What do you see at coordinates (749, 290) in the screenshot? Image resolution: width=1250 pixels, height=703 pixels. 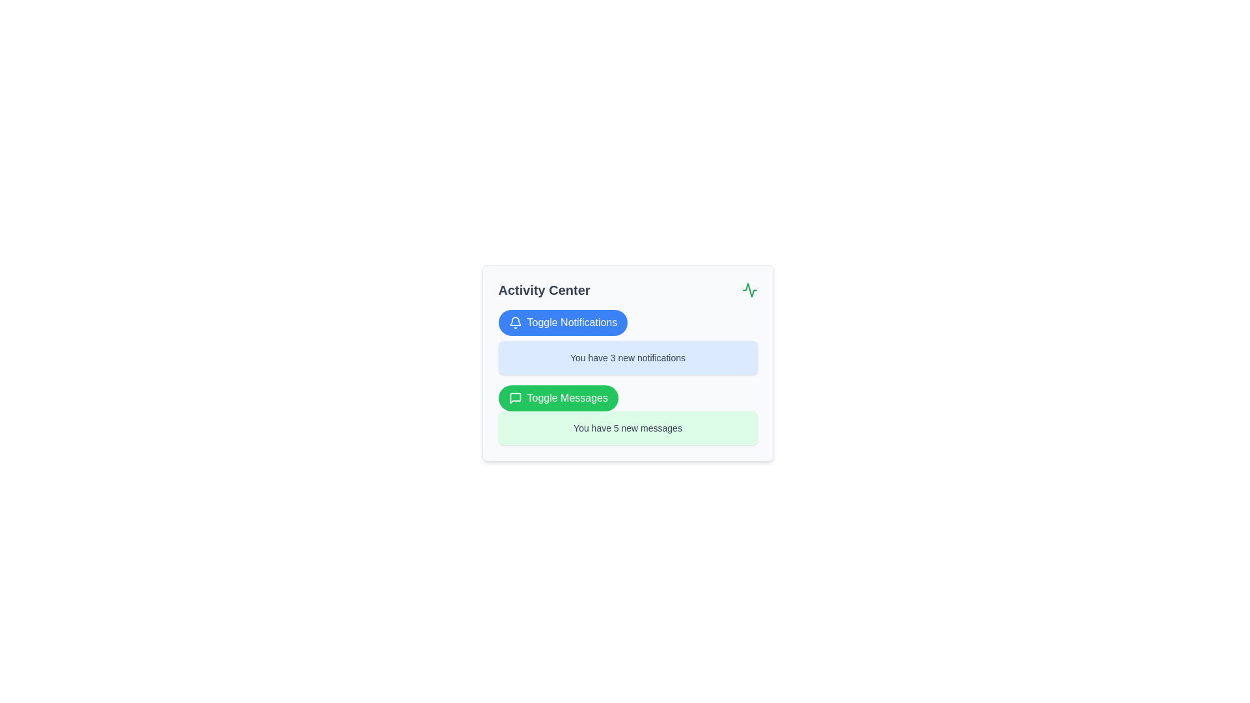 I see `the activity status icon located in the top right corner of the Activity Center card` at bounding box center [749, 290].